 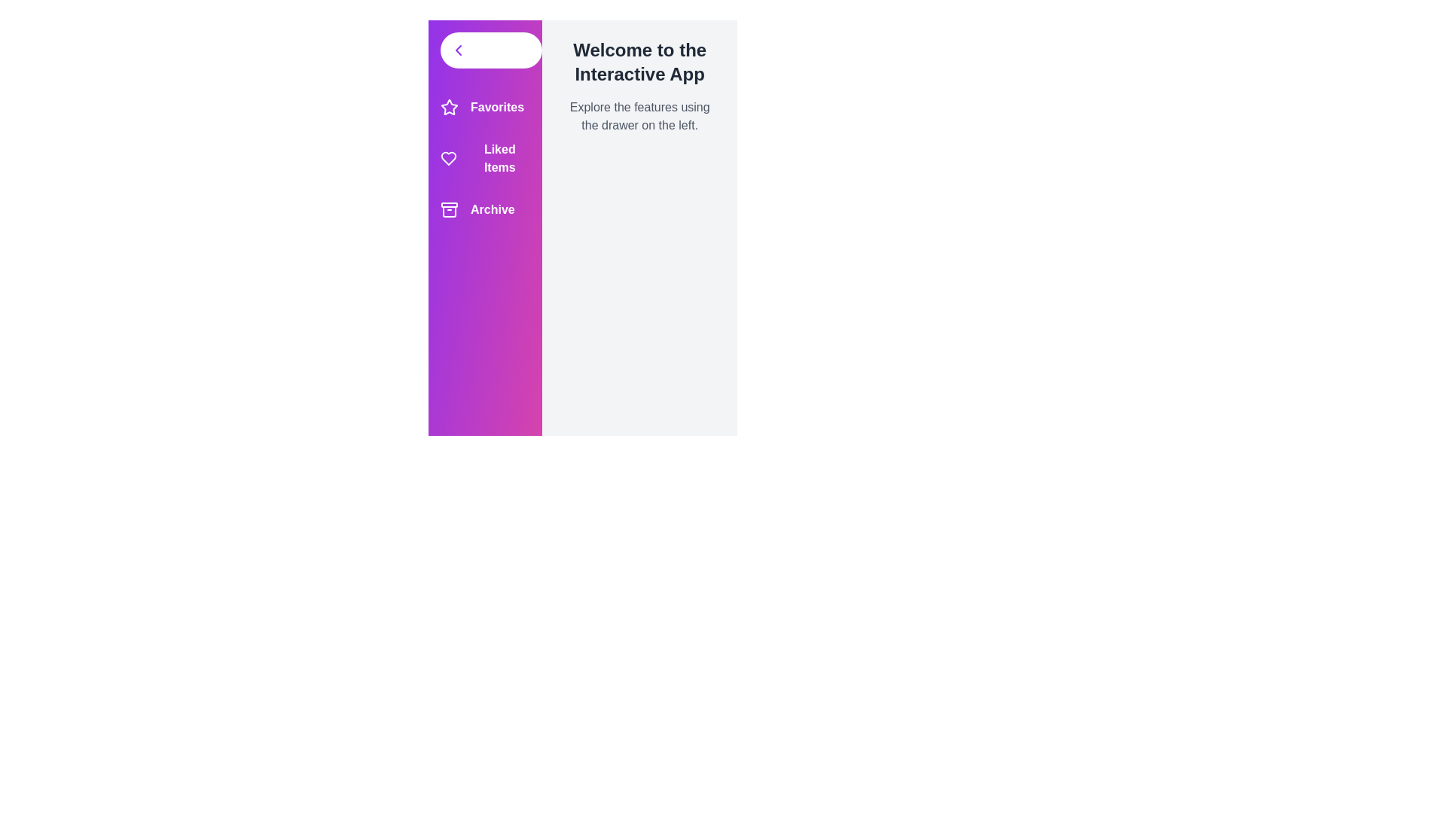 What do you see at coordinates (484, 159) in the screenshot?
I see `the 'Liked Items' menu item in the drawer` at bounding box center [484, 159].